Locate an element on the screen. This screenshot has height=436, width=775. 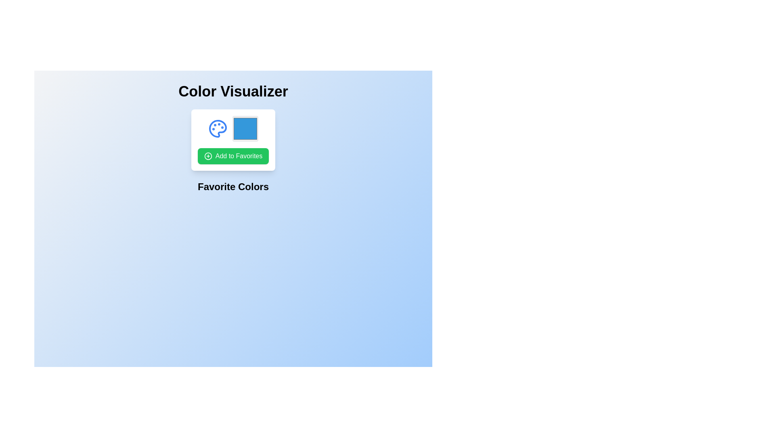
the color/design icon located at the far left of its group to interact with its associated functionalities is located at coordinates (218, 128).